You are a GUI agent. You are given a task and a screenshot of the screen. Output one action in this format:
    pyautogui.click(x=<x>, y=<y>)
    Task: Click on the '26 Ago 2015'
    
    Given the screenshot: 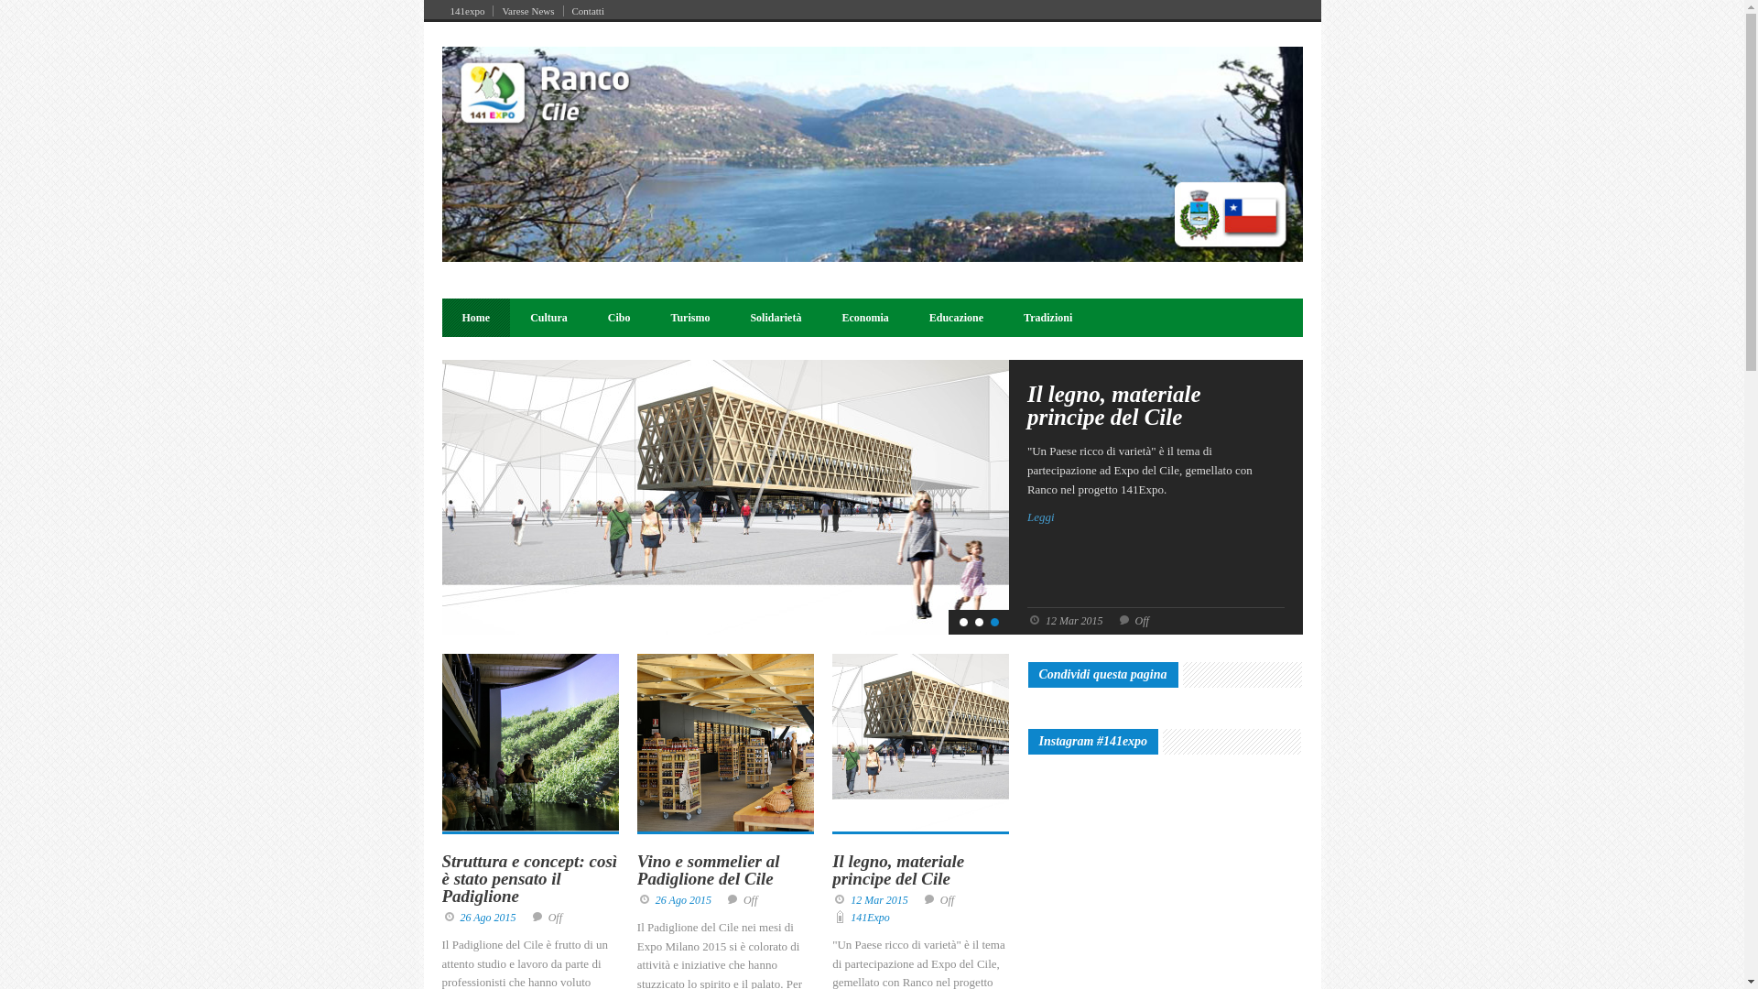 What is the action you would take?
    pyautogui.click(x=487, y=918)
    